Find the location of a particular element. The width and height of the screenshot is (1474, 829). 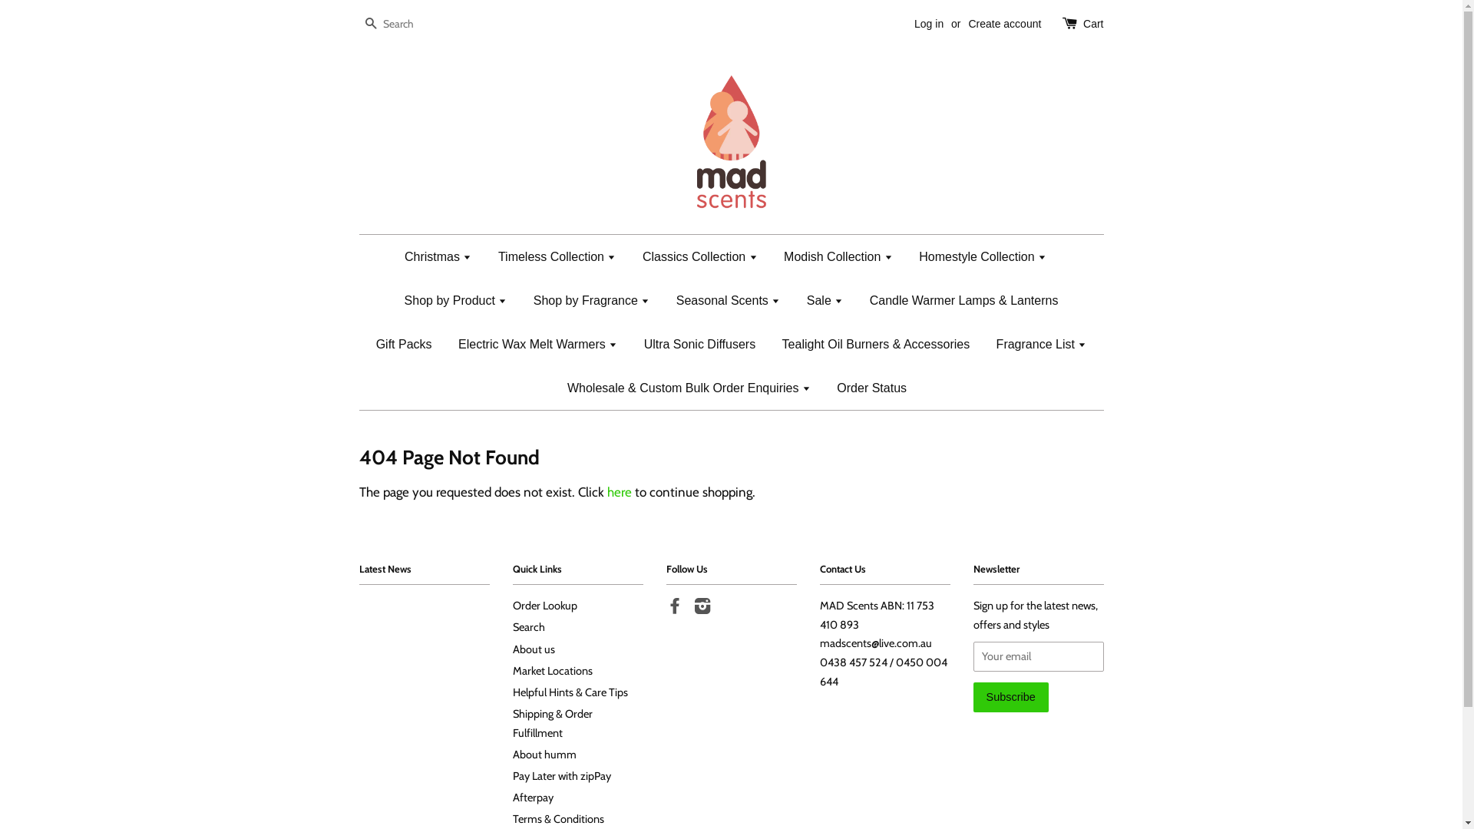

'Order Status' is located at coordinates (866, 387).